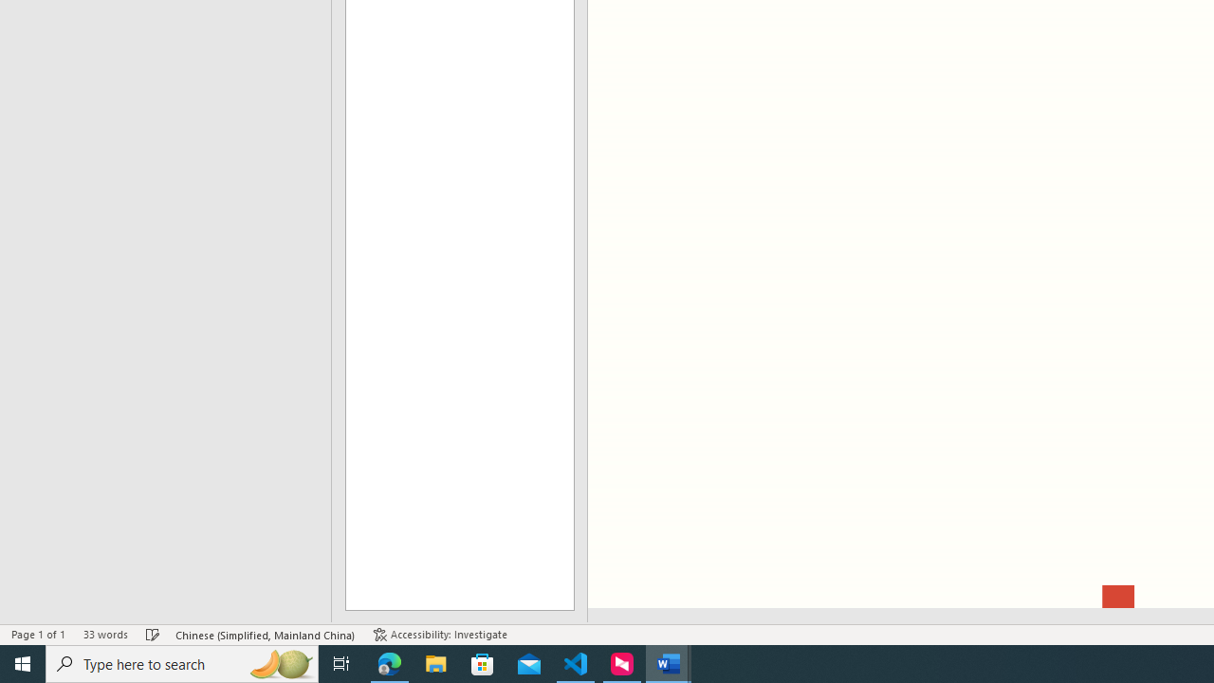 This screenshot has height=683, width=1214. I want to click on 'Page Number Page 1 of 1', so click(38, 635).